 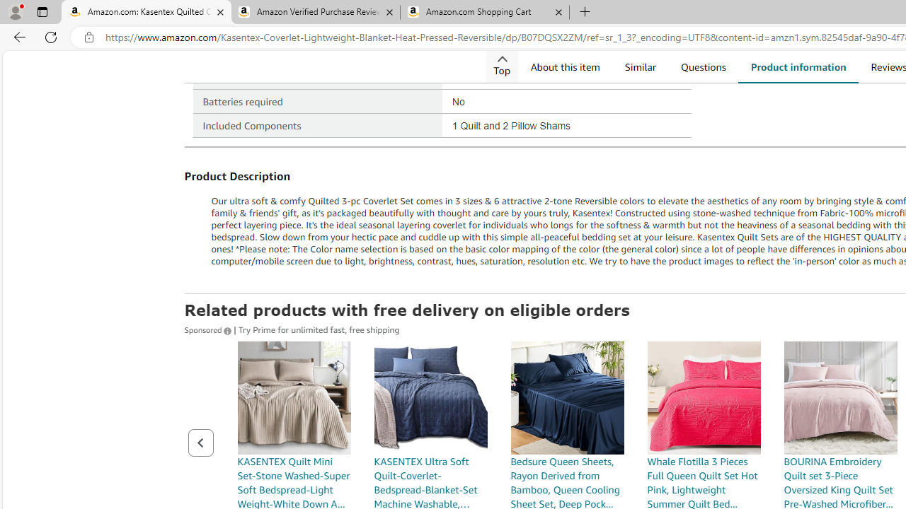 I want to click on 'Amazon.com Shopping Cart', so click(x=484, y=12).